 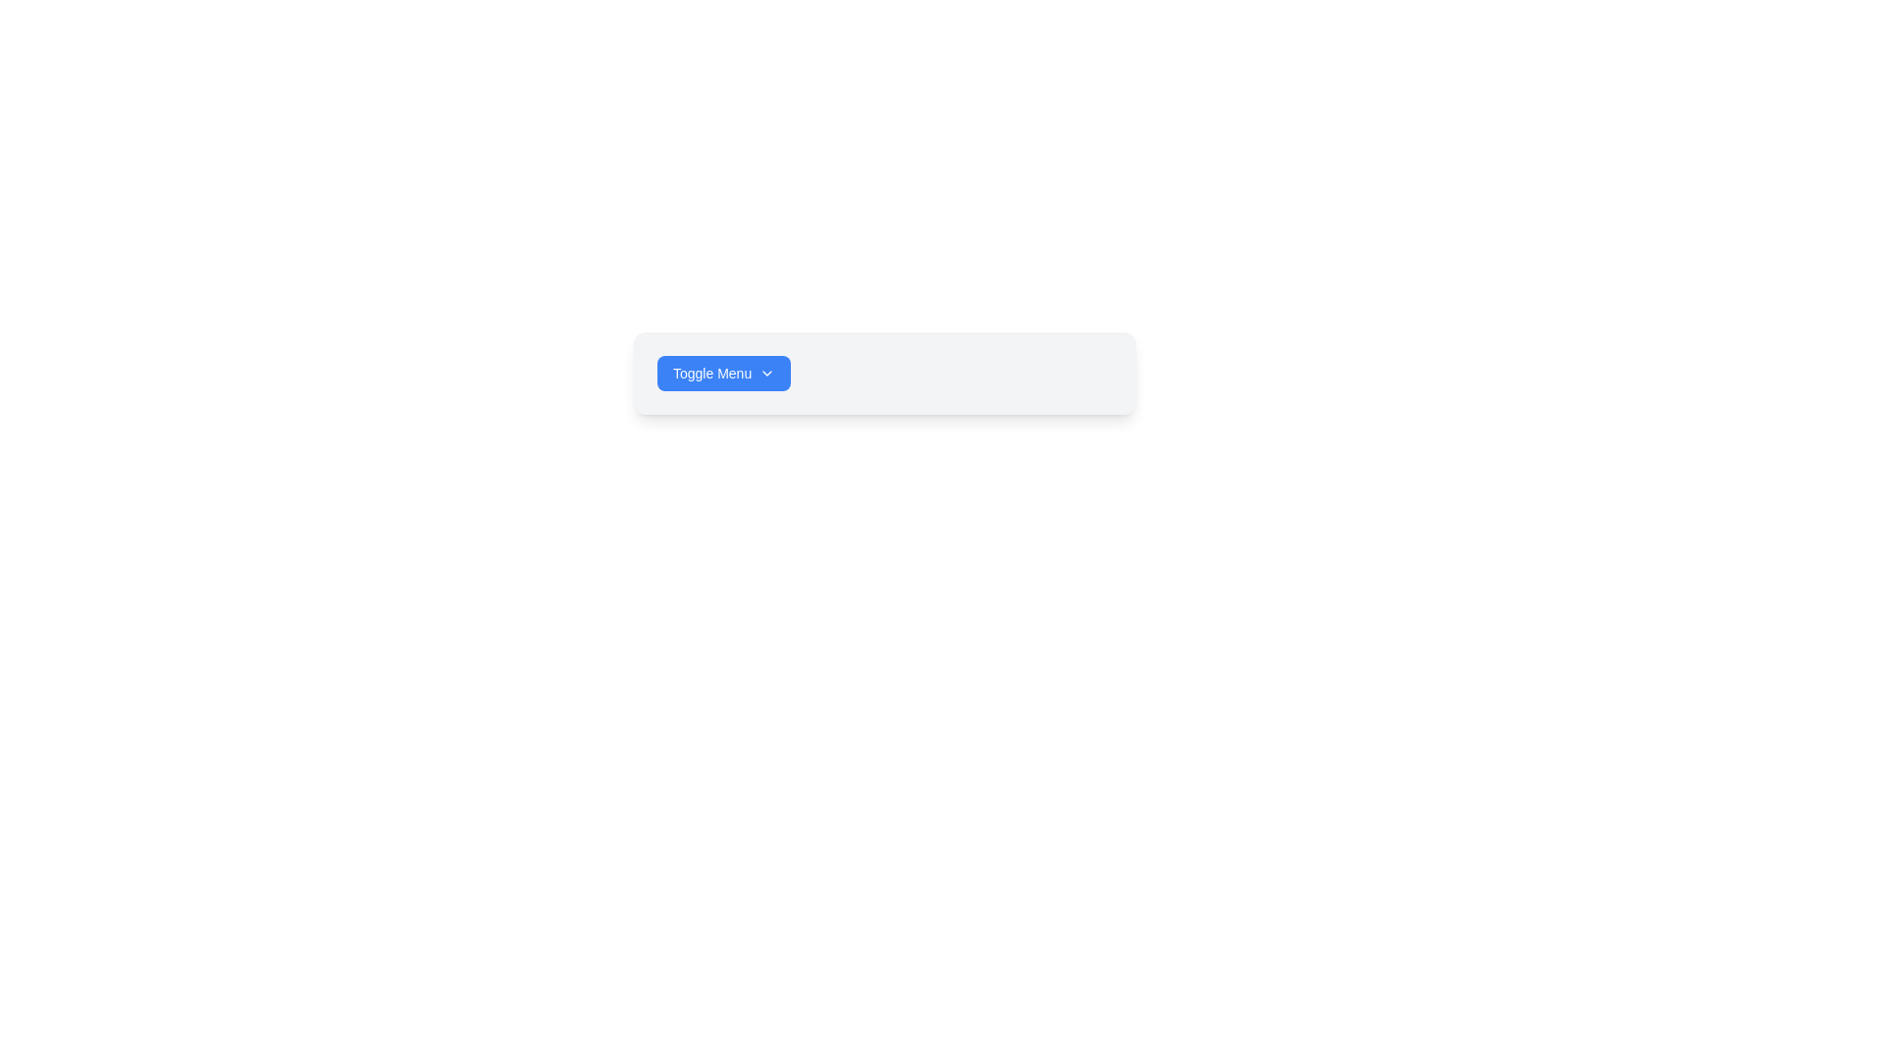 What do you see at coordinates (766, 374) in the screenshot?
I see `the small downward-pointing chevron icon that is part of the 'Toggle Menu' button, located on the rightmost side of the button` at bounding box center [766, 374].